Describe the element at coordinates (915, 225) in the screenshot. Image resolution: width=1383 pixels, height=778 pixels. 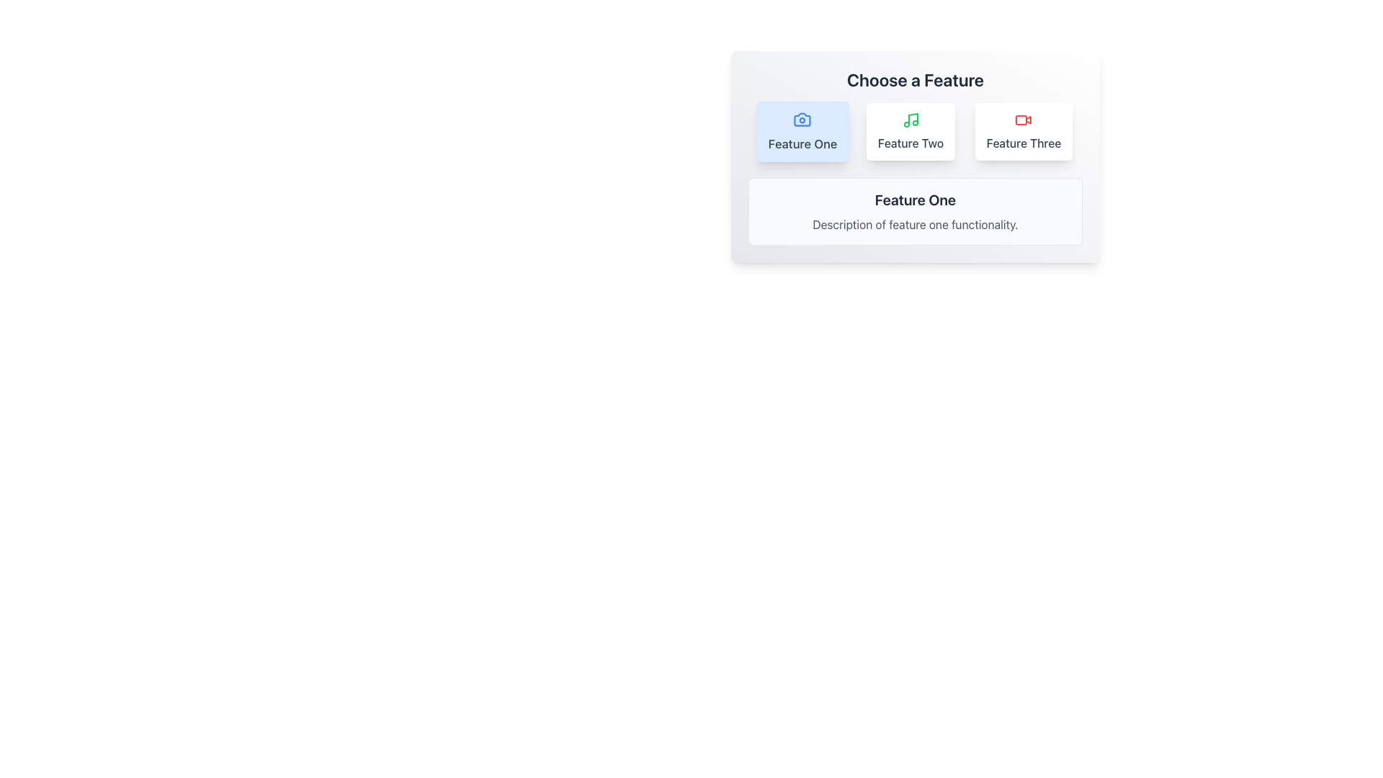
I see `text label that displays 'Description of feature one functionality.' located directly below the title 'Feature One'` at that location.